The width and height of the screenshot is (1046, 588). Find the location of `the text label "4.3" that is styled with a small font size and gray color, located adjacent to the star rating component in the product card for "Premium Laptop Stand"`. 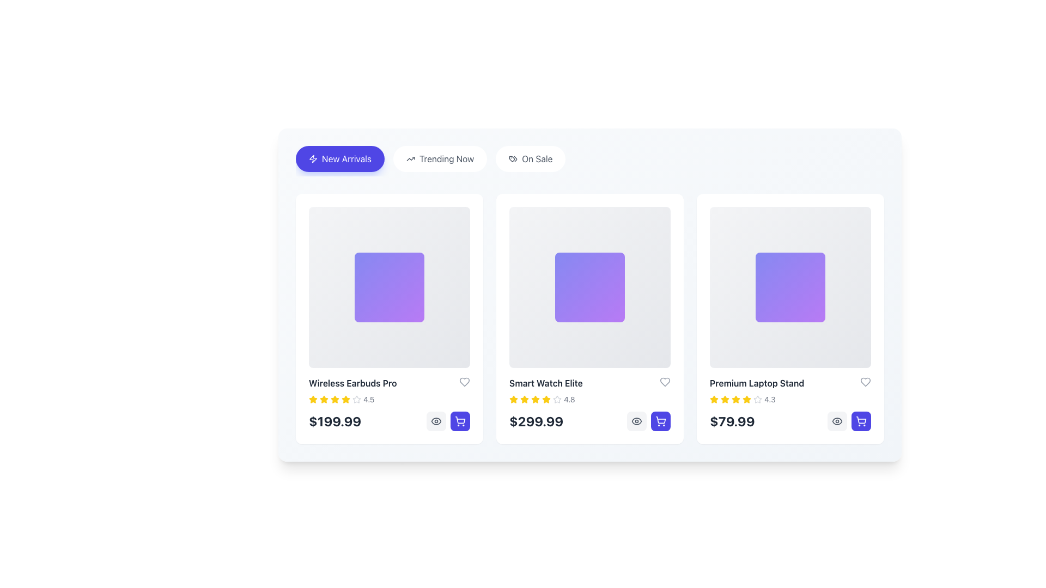

the text label "4.3" that is styled with a small font size and gray color, located adjacent to the star rating component in the product card for "Premium Laptop Stand" is located at coordinates (769, 399).